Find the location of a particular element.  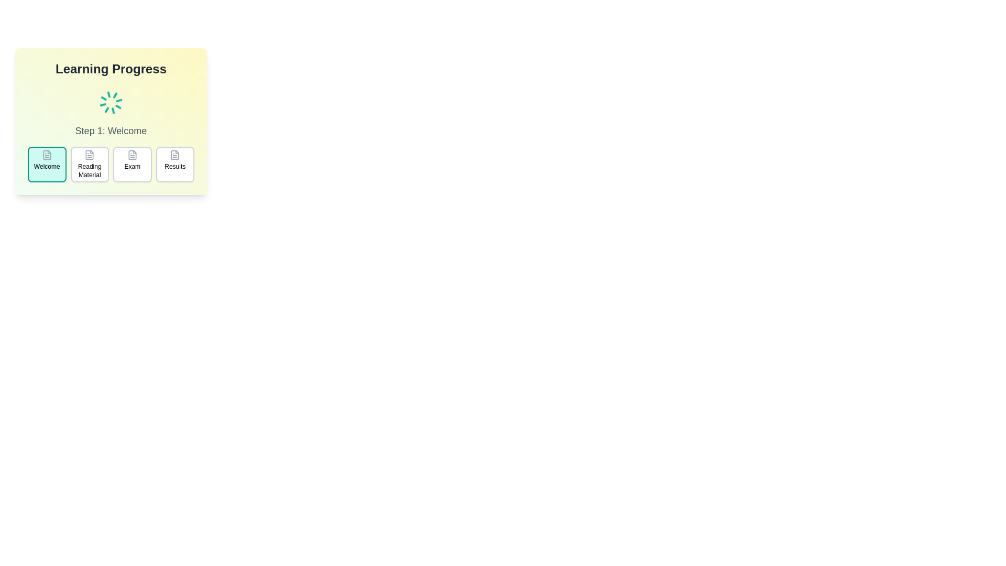

the third button in the horizontal group of four buttons located beneath the 'Step 1: Welcome' heading within the 'Learning Progress' area is located at coordinates (132, 164).